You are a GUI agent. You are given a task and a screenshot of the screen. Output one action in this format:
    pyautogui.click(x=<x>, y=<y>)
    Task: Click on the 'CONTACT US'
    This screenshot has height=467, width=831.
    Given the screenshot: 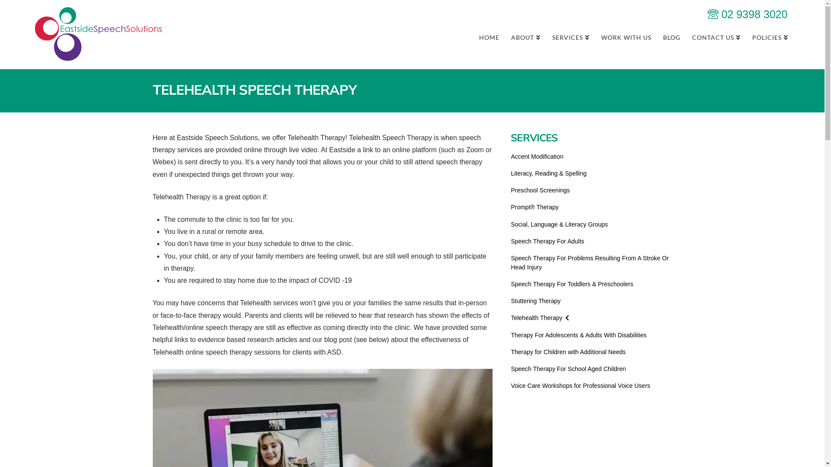 What is the action you would take?
    pyautogui.click(x=716, y=36)
    